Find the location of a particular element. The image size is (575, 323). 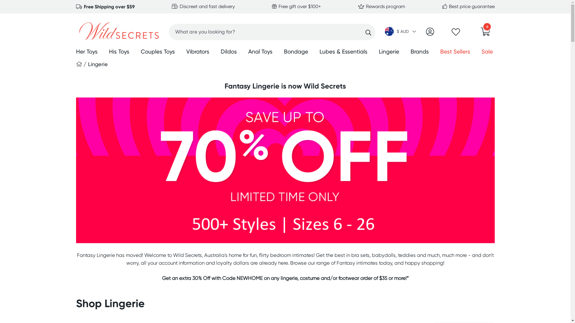

'Couples Toys' is located at coordinates (158, 52).